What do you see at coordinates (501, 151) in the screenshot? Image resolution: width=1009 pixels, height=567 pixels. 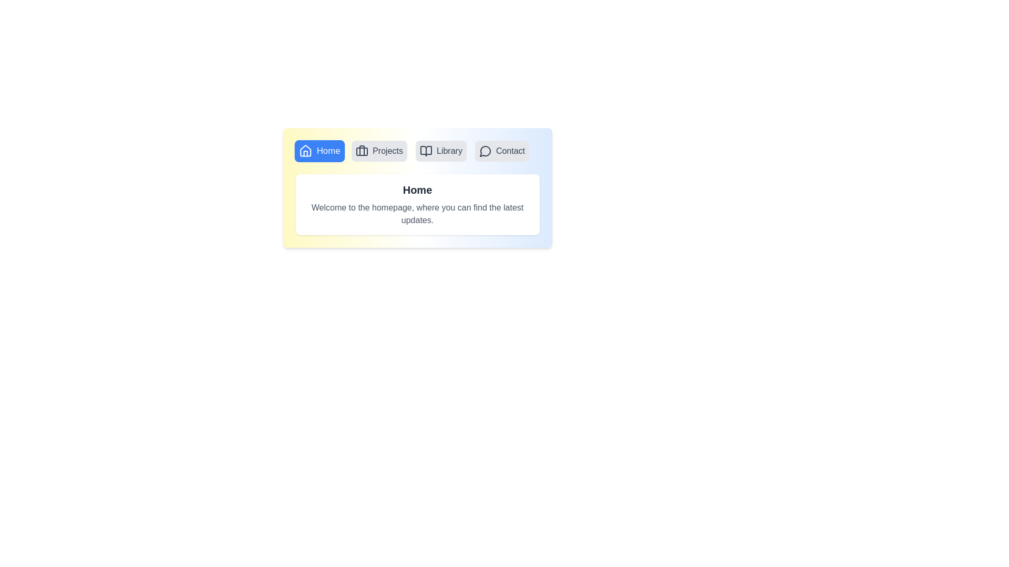 I see `the Contact tab to view its content` at bounding box center [501, 151].